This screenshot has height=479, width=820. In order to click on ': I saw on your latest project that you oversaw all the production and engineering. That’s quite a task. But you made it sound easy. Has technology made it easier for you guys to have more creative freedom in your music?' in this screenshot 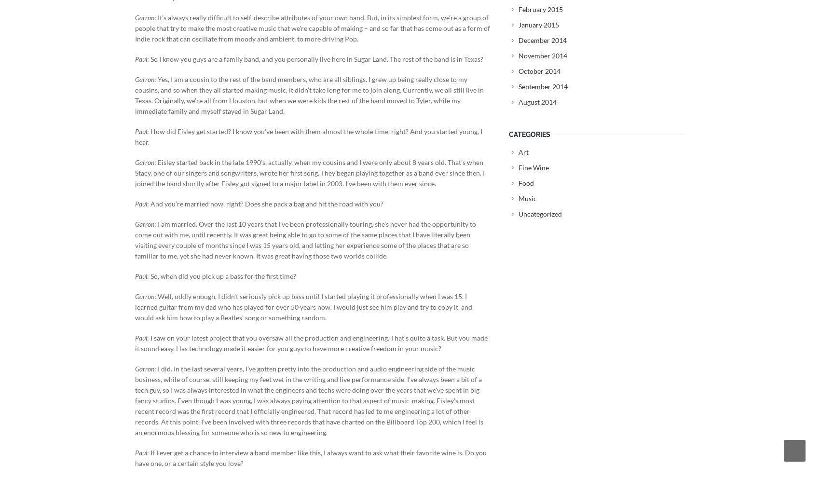, I will do `click(311, 342)`.